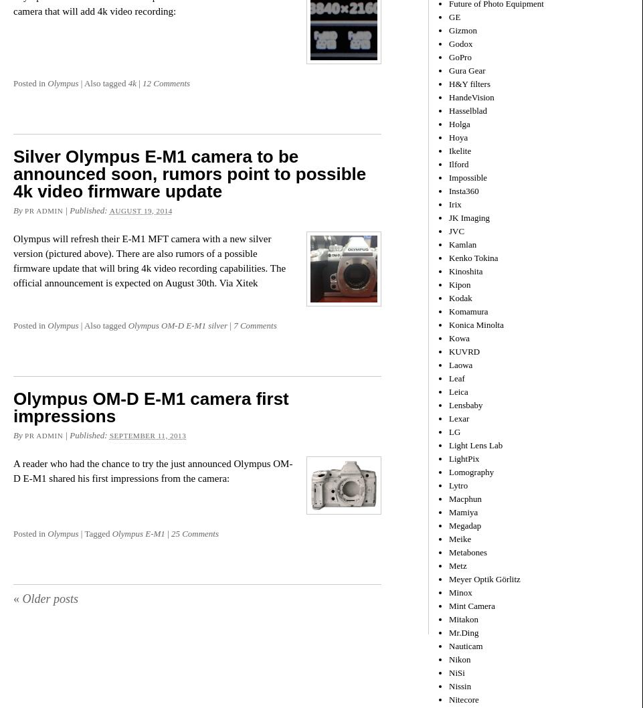 This screenshot has width=643, height=708. Describe the element at coordinates (177, 325) in the screenshot. I see `'Olympus OM-D E-M1 silver'` at that location.